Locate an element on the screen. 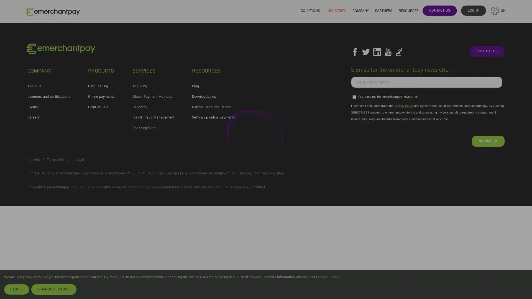  I AGREE is located at coordinates (16, 289).